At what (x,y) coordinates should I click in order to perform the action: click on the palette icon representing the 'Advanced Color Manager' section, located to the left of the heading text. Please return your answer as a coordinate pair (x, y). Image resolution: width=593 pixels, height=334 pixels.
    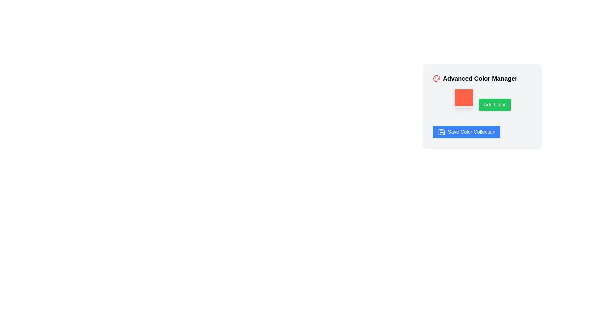
    Looking at the image, I should click on (436, 78).